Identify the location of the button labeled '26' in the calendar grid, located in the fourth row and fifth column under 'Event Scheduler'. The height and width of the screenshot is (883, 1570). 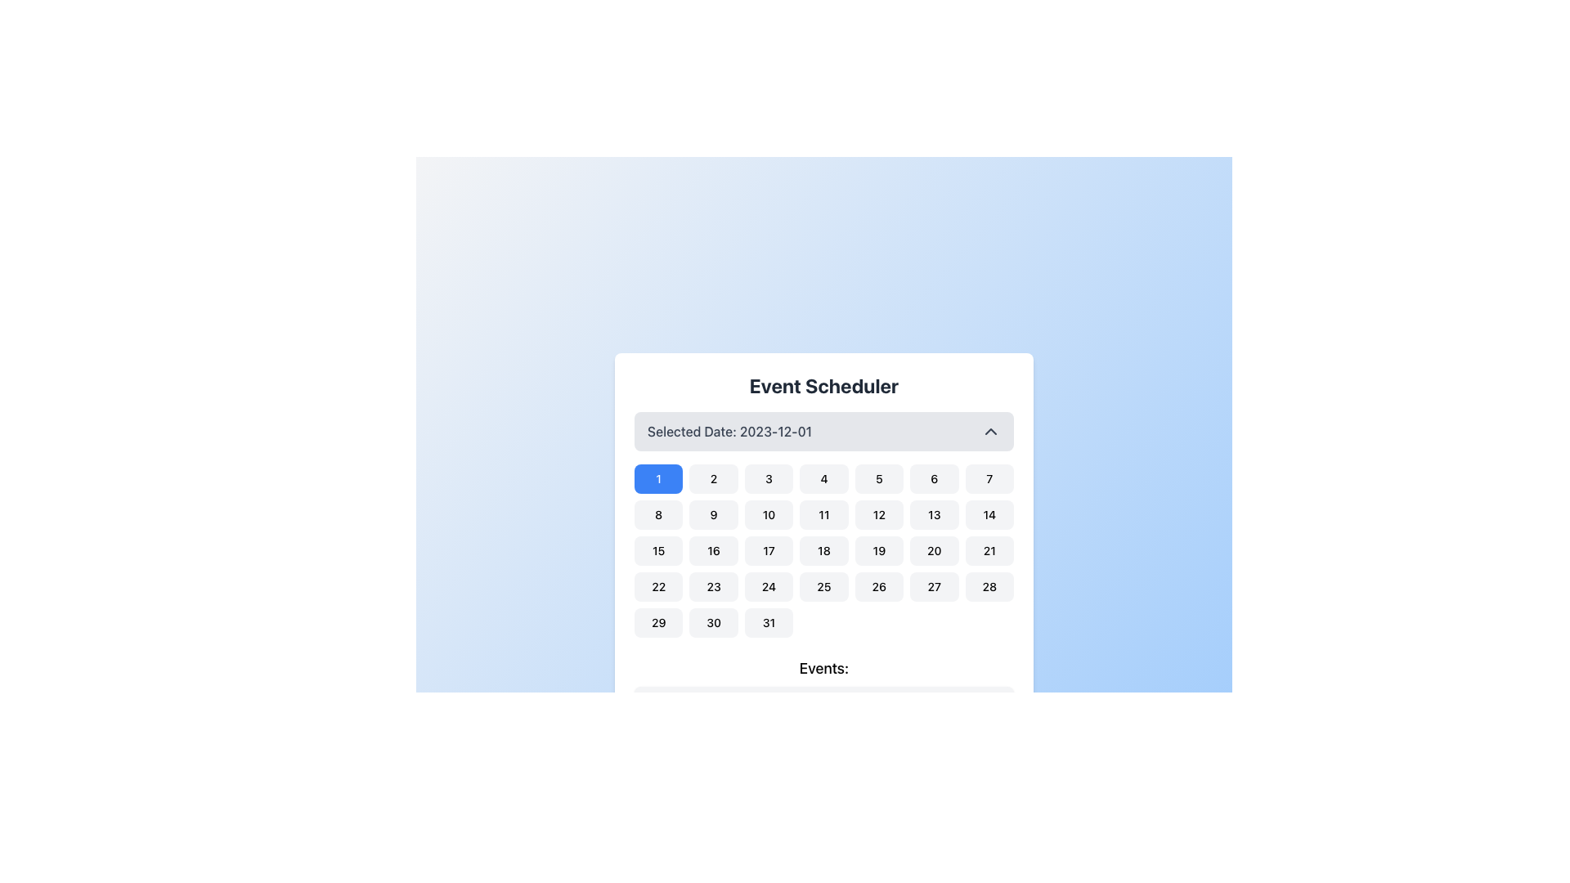
(878, 585).